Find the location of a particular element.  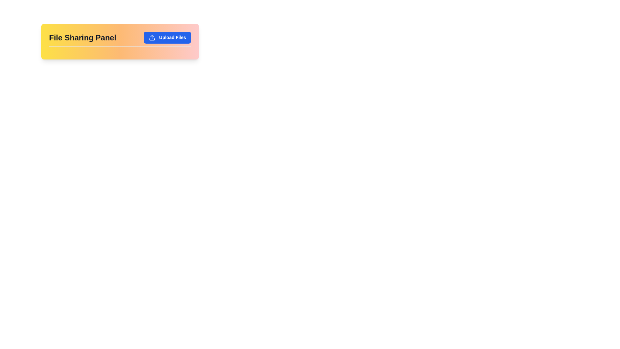

the blue rectangular button labeled 'Upload Files' is located at coordinates (167, 37).